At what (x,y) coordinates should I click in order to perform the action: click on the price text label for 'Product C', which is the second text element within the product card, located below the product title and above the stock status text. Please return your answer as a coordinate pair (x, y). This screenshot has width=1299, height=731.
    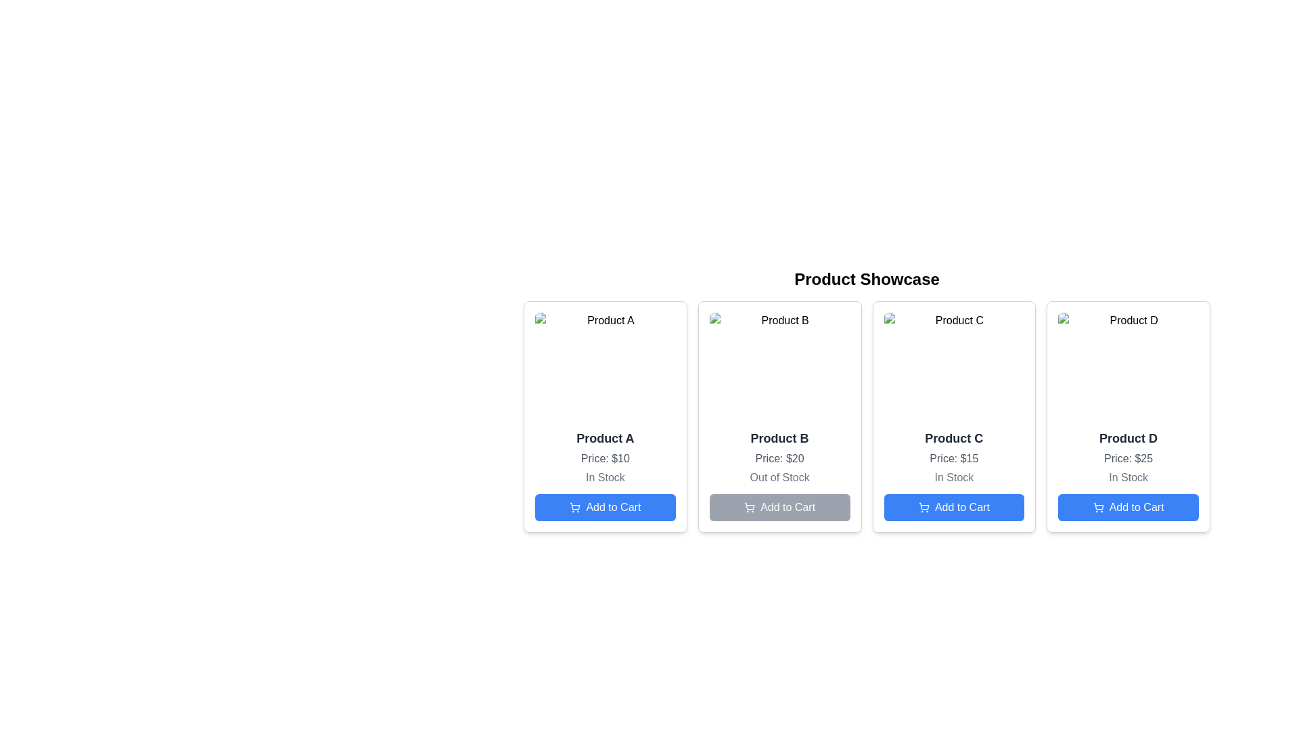
    Looking at the image, I should click on (953, 458).